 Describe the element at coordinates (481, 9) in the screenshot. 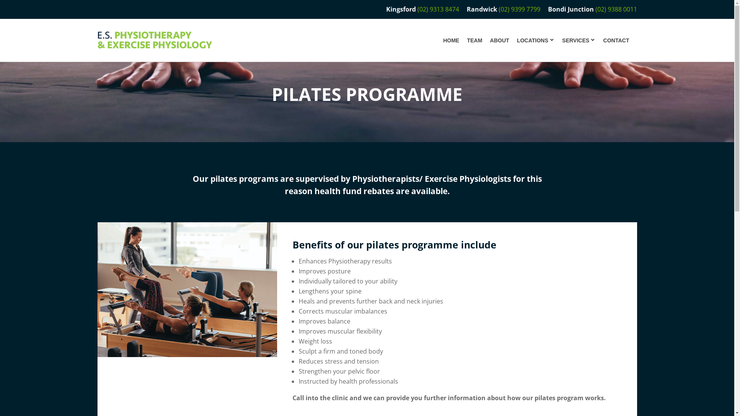

I see `'Randwick'` at that location.